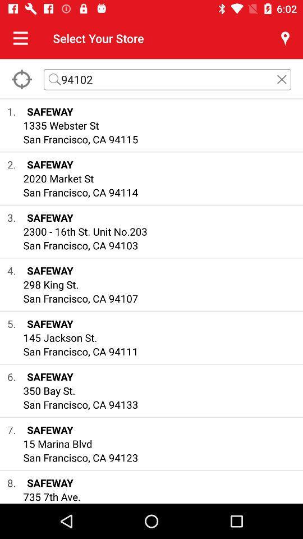 This screenshot has height=539, width=303. What do you see at coordinates (281, 79) in the screenshot?
I see `the close icon` at bounding box center [281, 79].